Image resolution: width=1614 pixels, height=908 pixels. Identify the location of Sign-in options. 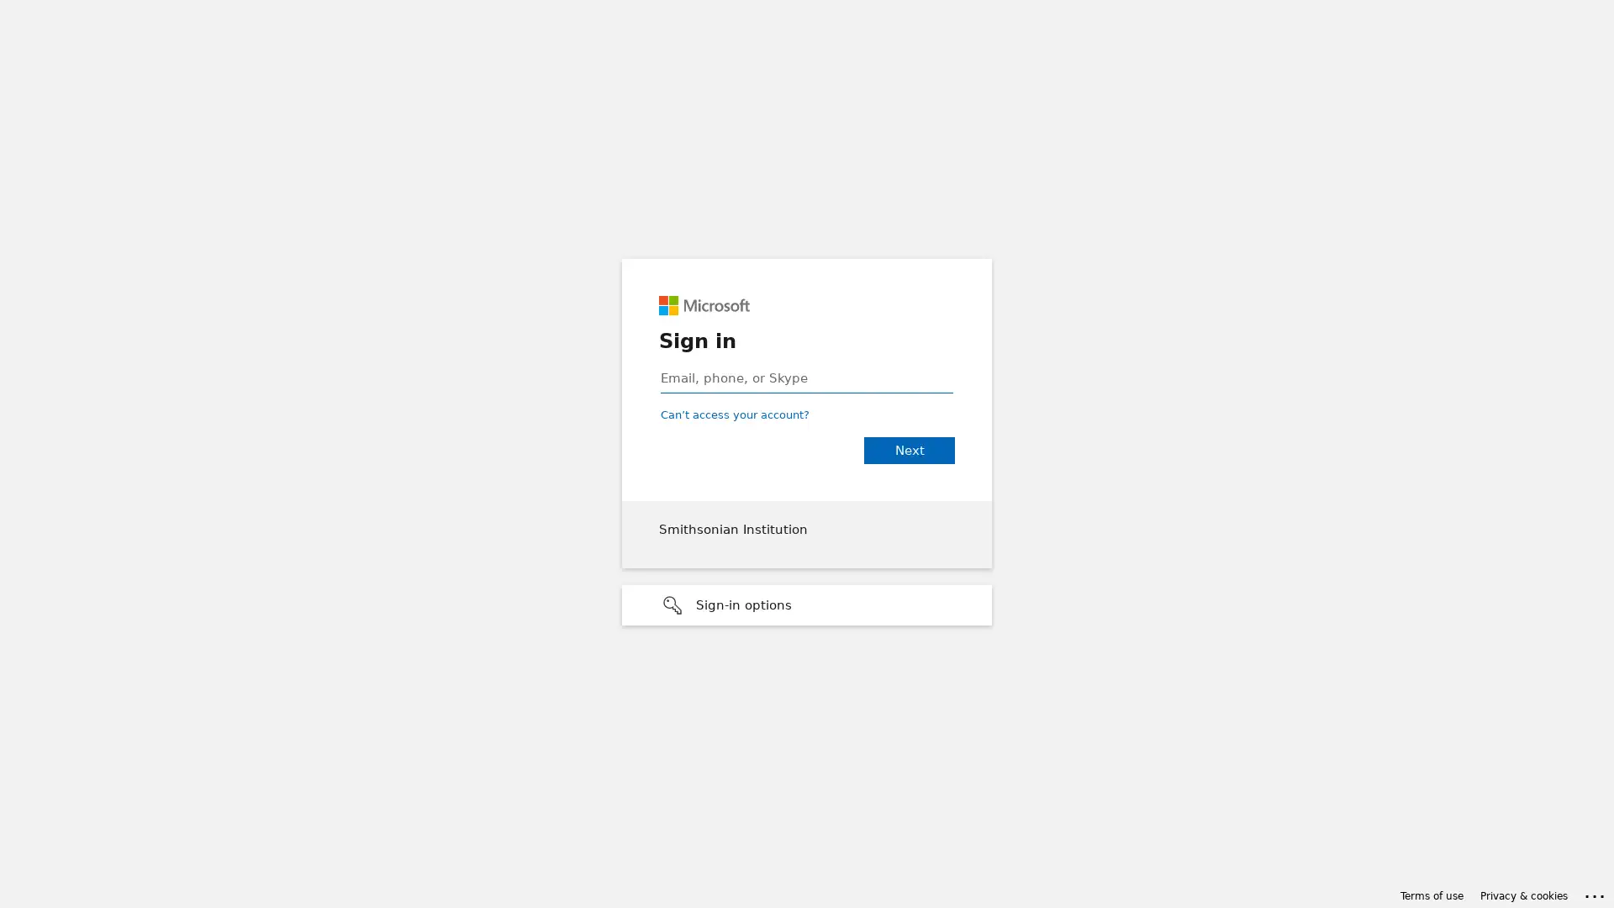
(807, 605).